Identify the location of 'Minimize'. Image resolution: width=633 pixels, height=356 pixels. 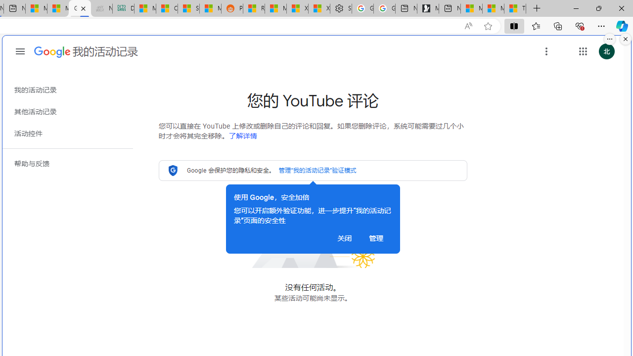
(576, 8).